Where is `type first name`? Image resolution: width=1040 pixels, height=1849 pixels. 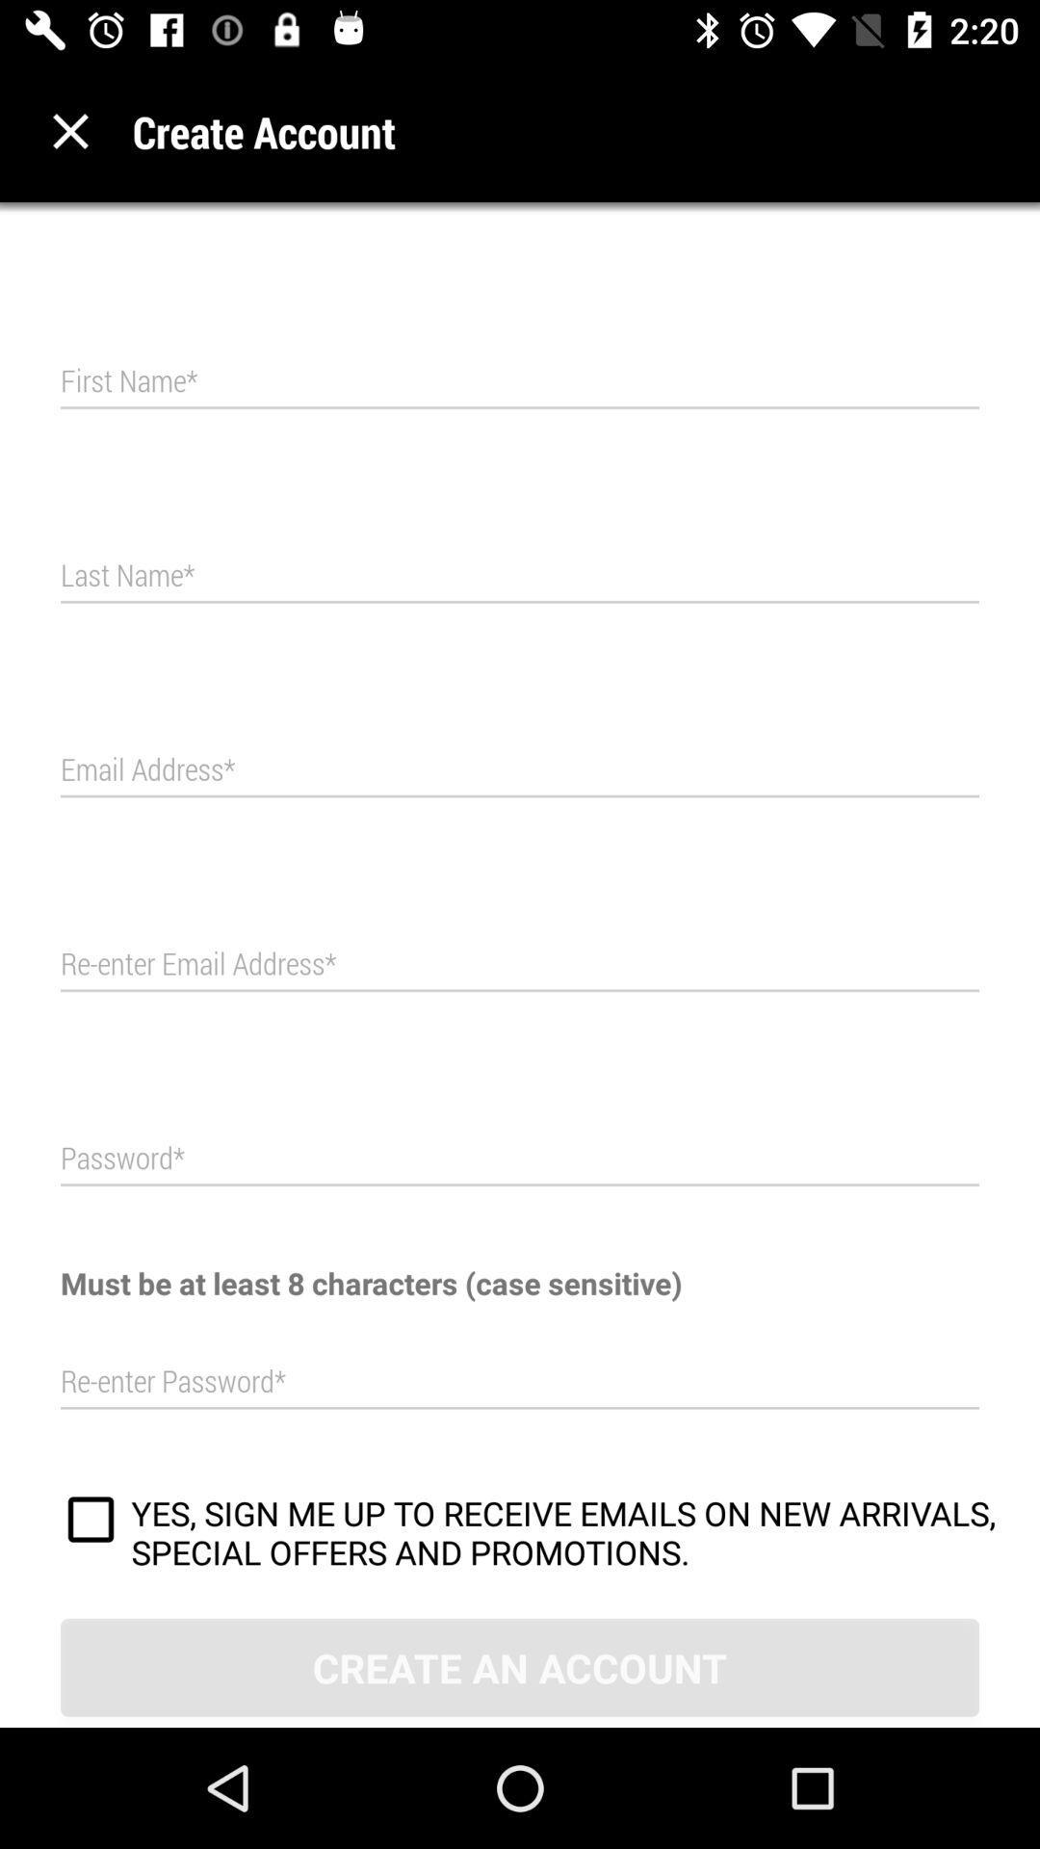
type first name is located at coordinates (520, 381).